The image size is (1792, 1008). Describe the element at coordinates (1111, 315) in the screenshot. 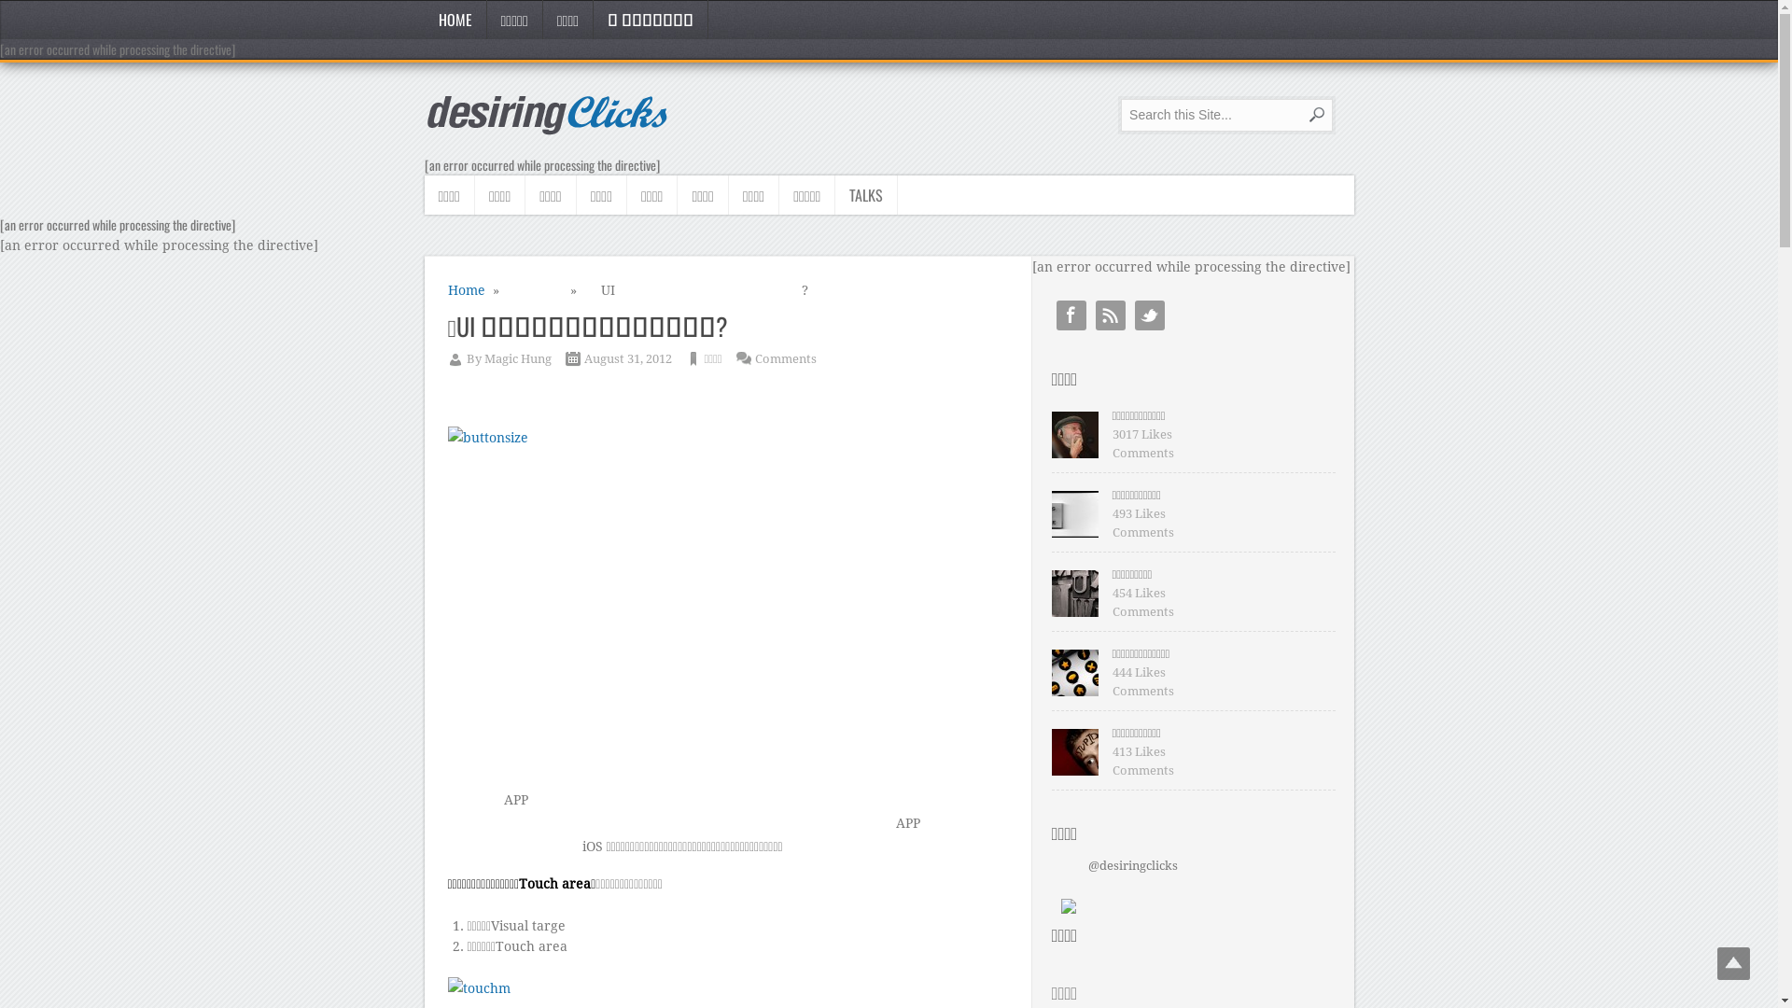

I see `'RSS'` at that location.